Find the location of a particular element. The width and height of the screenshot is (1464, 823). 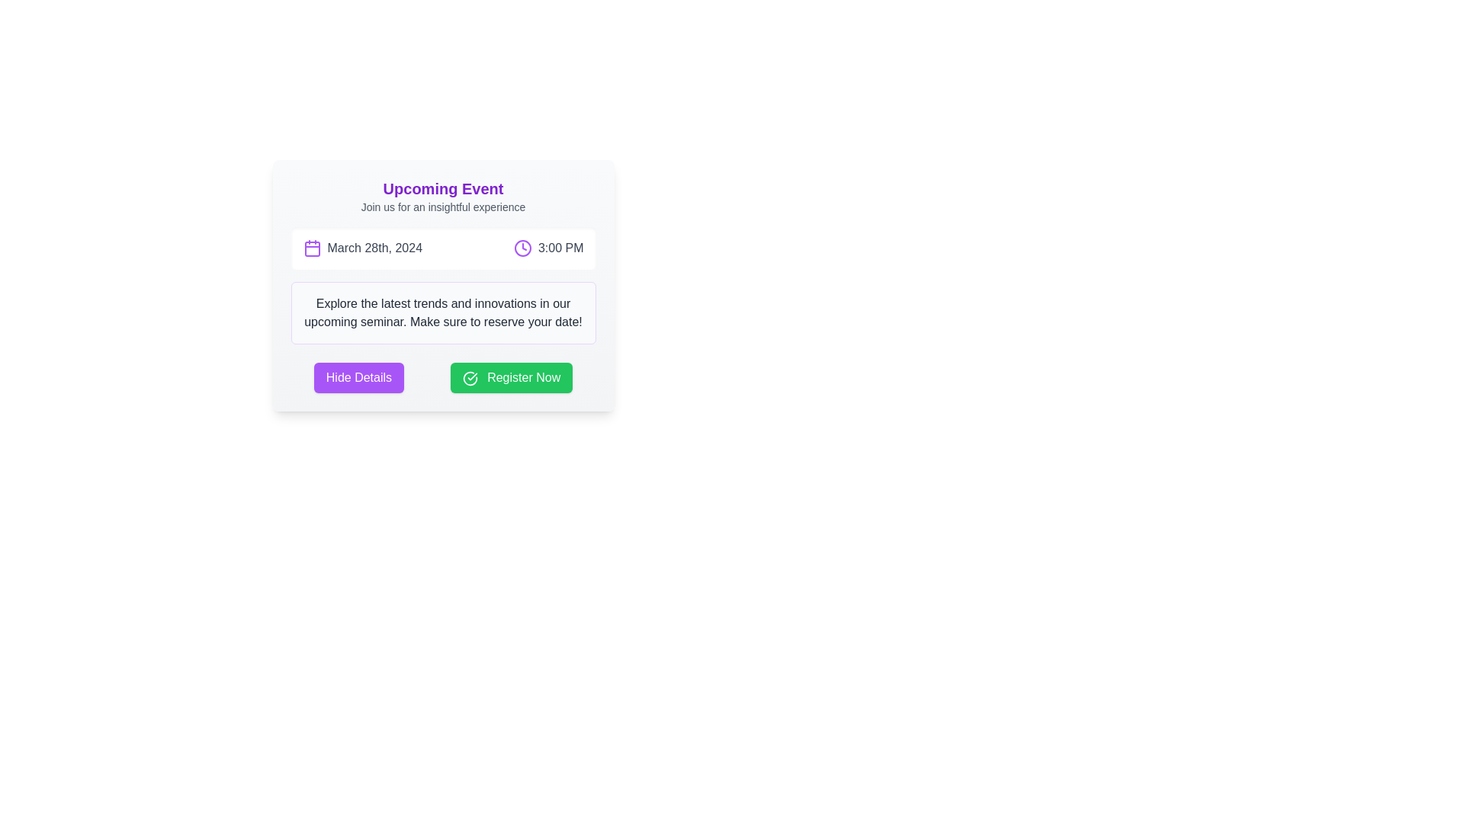

the outer frame of the clock icon adjacent to the '3:00 PM' label, which serves as a decorative element in the event date and time section is located at coordinates (522, 248).